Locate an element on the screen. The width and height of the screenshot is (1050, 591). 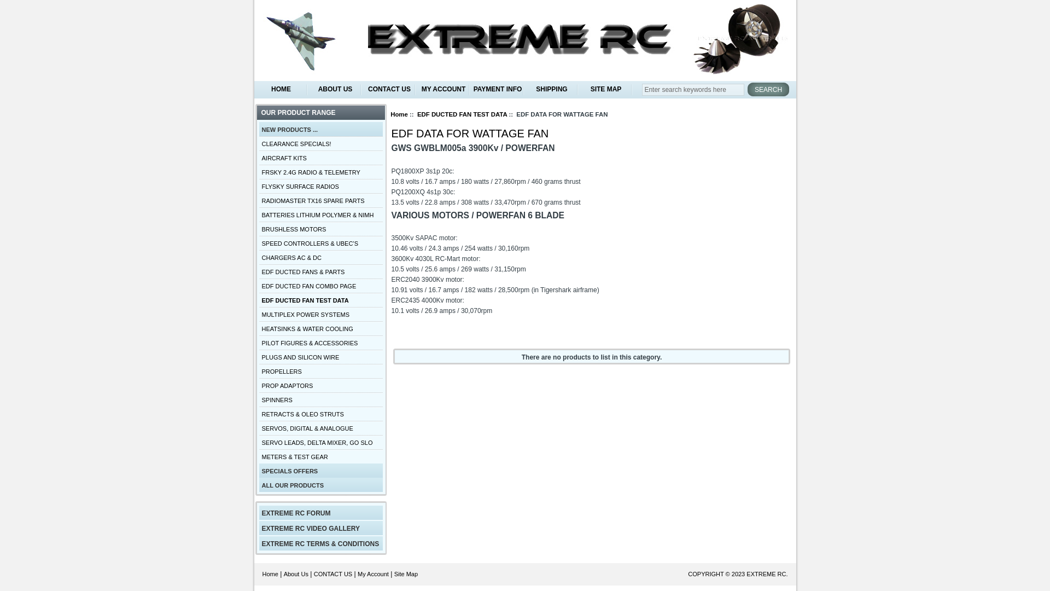
'PAYMENT INFO' is located at coordinates (497, 89).